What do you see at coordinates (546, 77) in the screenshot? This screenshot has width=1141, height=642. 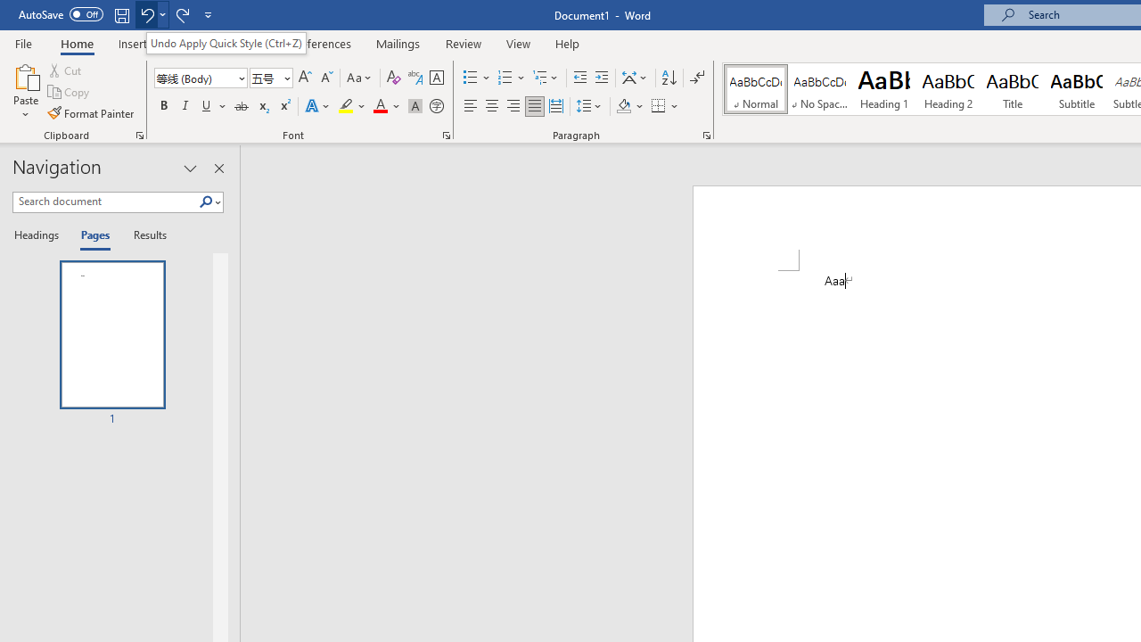 I see `'Multilevel List'` at bounding box center [546, 77].